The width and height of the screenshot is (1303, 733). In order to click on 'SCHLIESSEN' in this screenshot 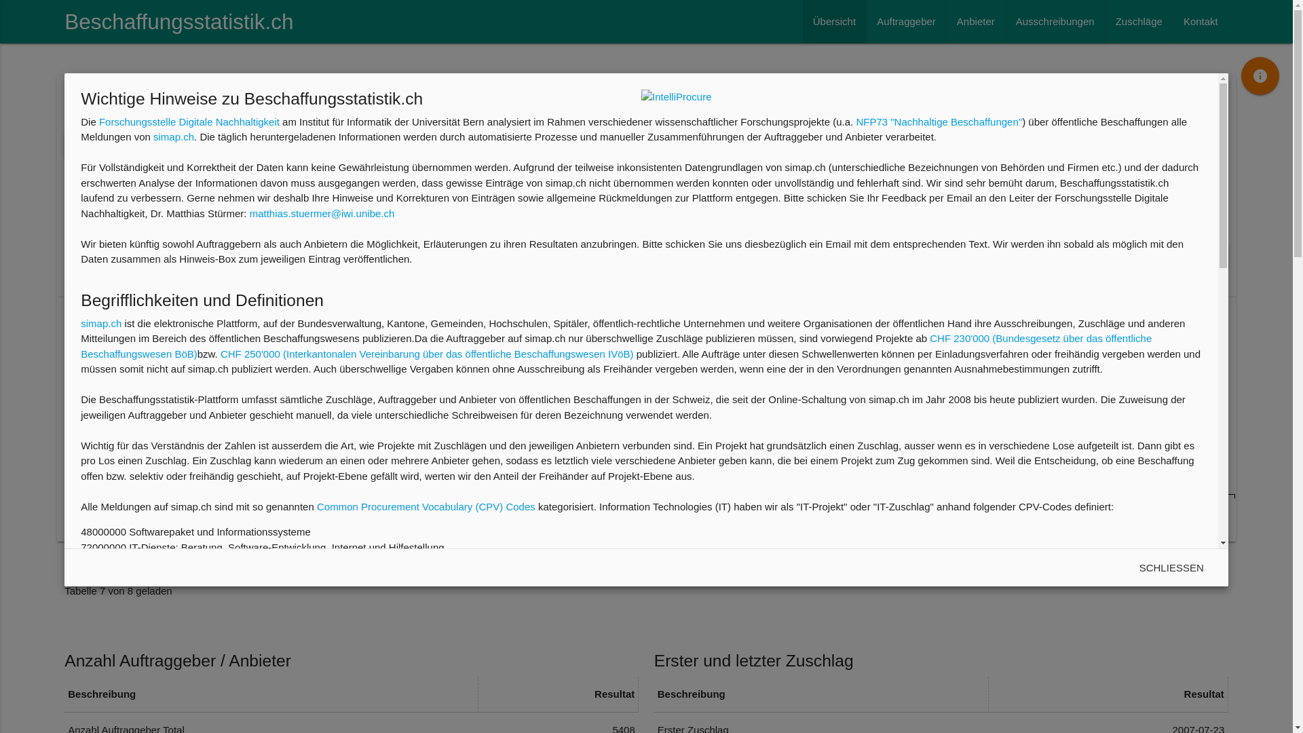, I will do `click(1171, 568)`.